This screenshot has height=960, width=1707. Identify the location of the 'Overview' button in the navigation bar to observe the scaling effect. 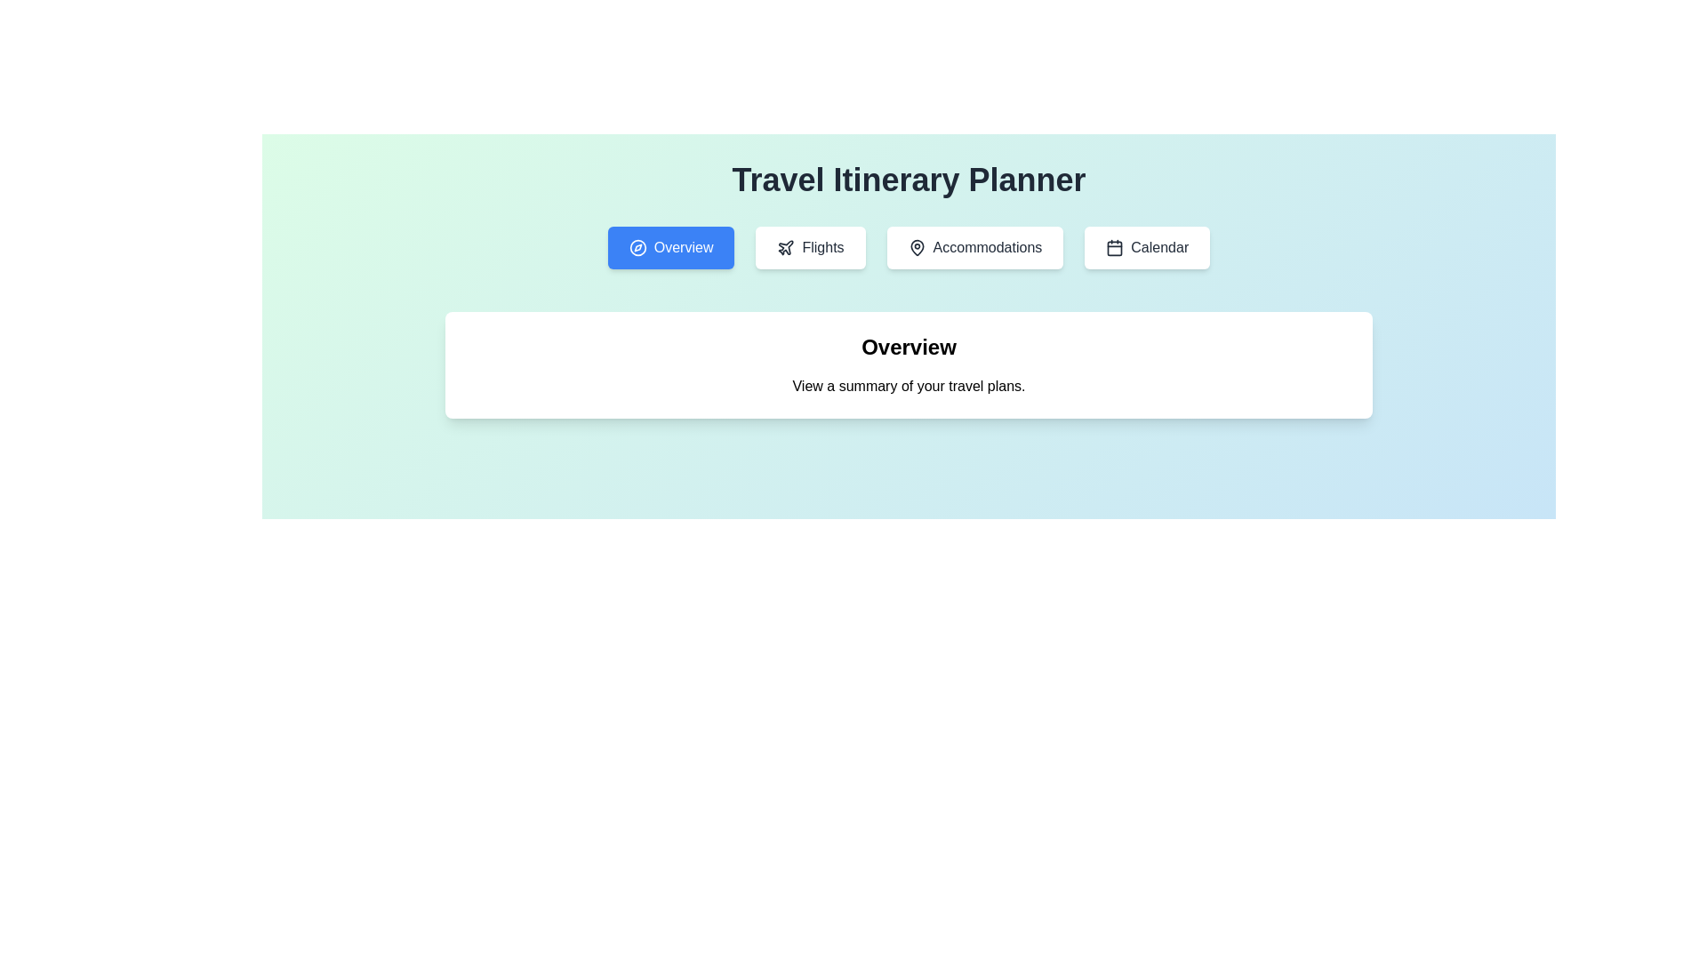
(670, 247).